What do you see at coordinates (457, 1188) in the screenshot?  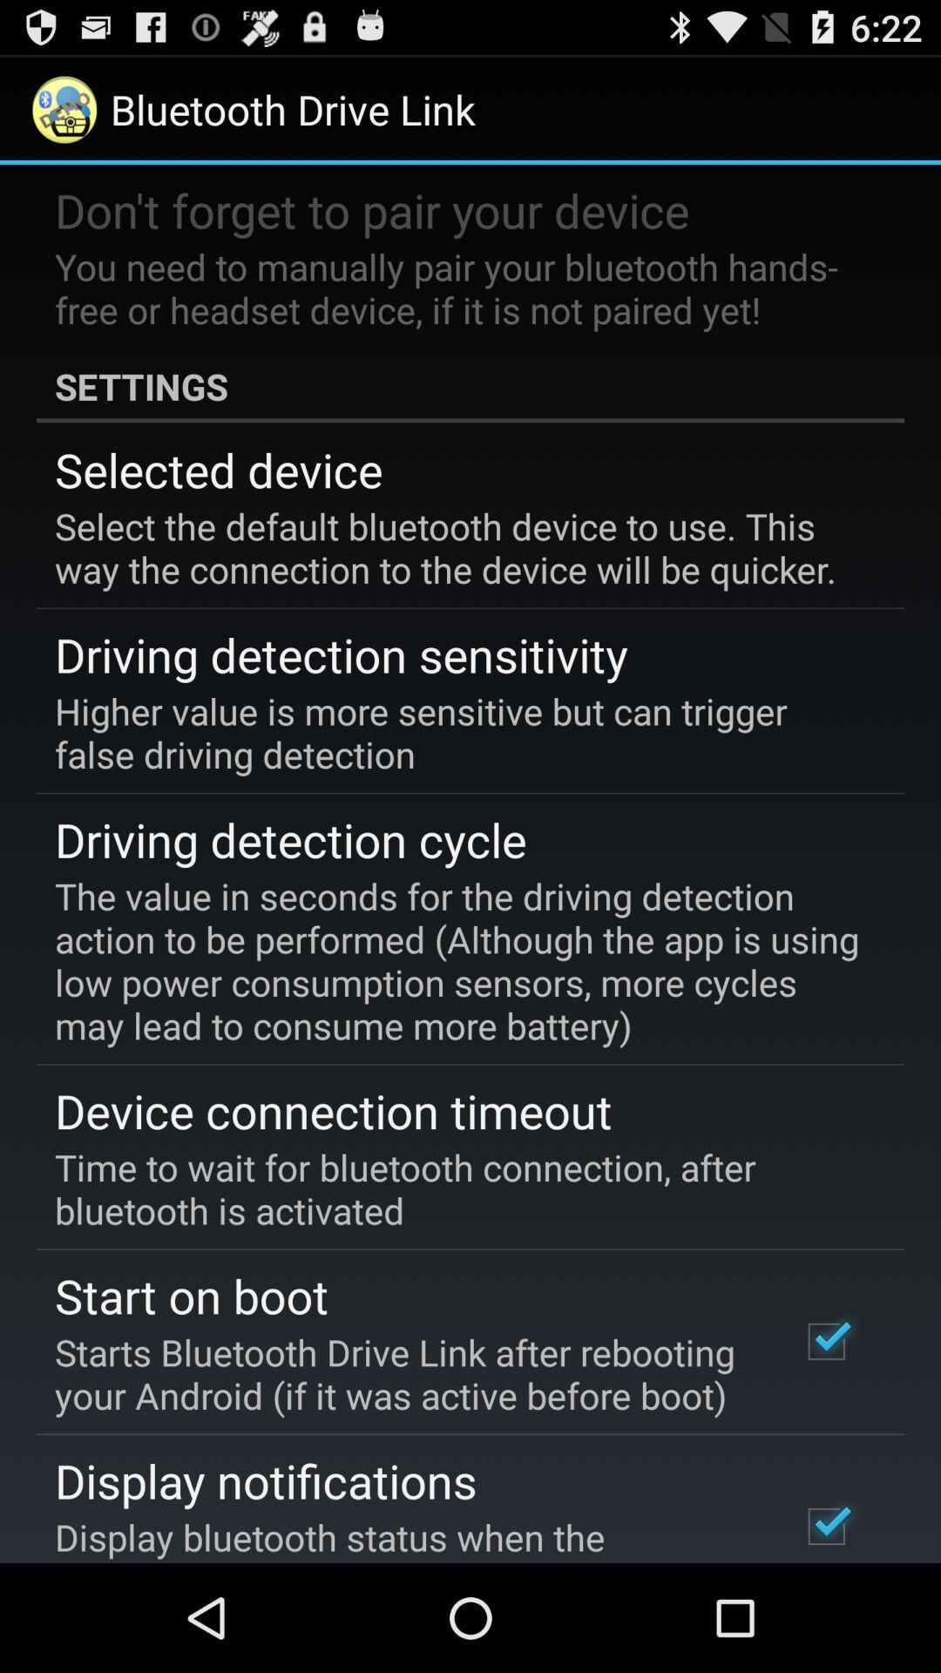 I see `the item above start on boot icon` at bounding box center [457, 1188].